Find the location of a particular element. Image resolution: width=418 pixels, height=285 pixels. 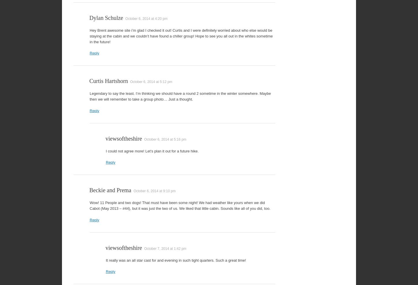

'I could not agree more! Let’s plan it out for a future hike.' is located at coordinates (152, 151).